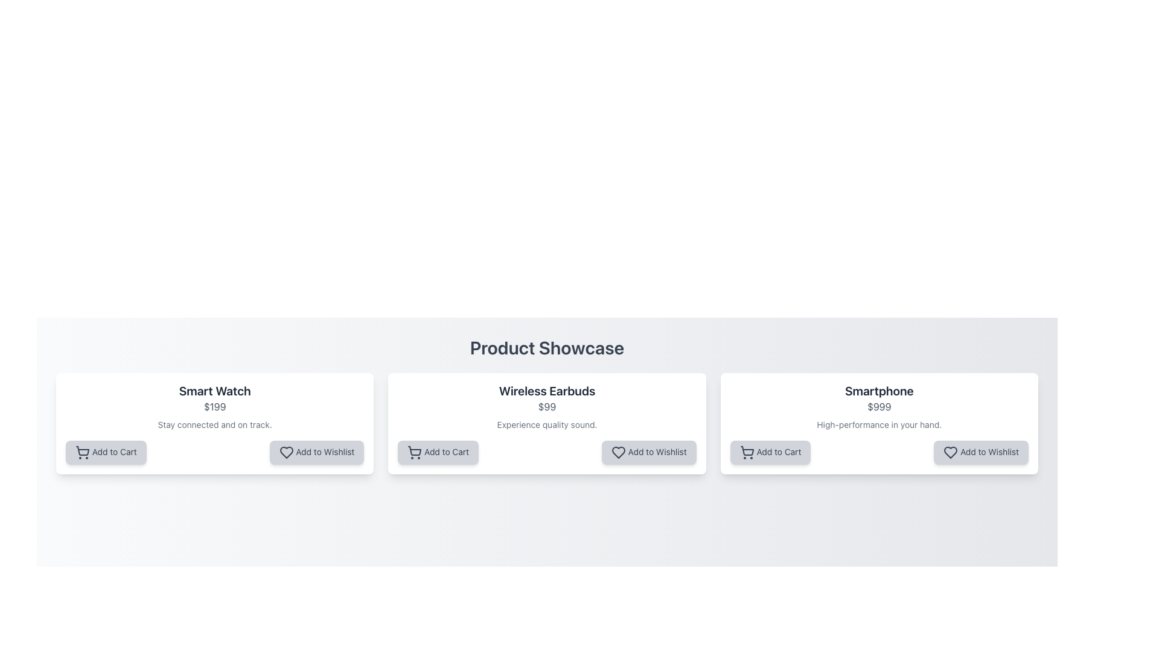 Image resolution: width=1159 pixels, height=651 pixels. What do you see at coordinates (746, 453) in the screenshot?
I see `the 'Add to Cart' icon located to the left of the 'Add to Cart' text label within the 'Smartphone' product card` at bounding box center [746, 453].